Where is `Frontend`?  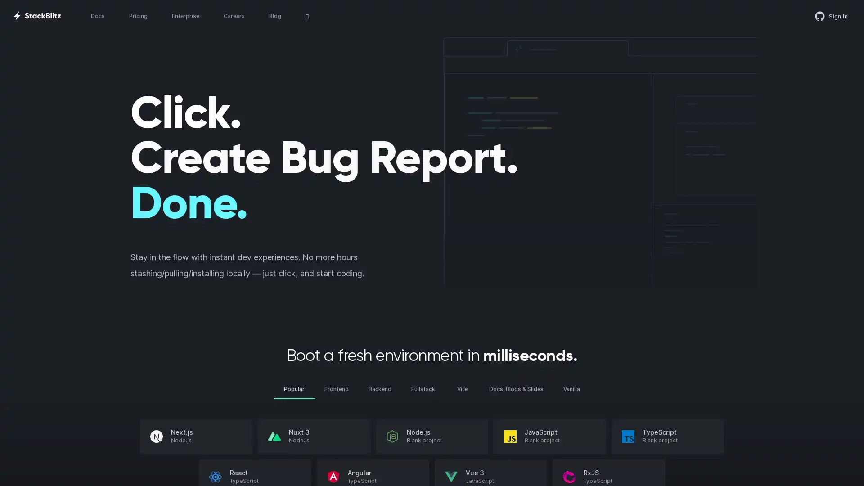 Frontend is located at coordinates (336, 388).